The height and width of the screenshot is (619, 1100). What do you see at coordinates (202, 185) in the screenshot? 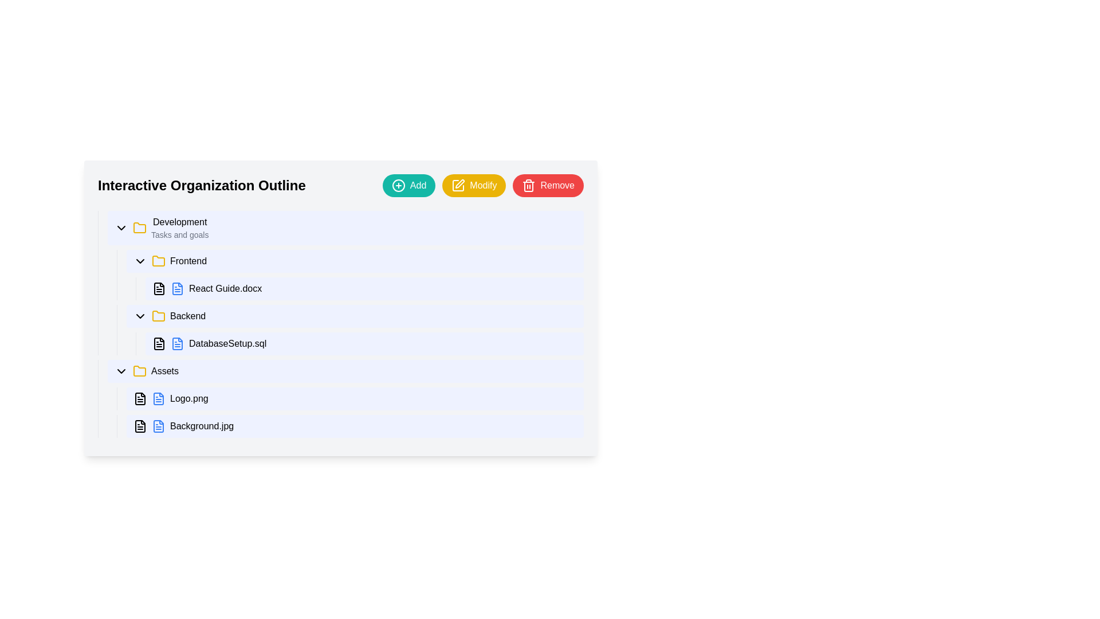
I see `the text label that serves as the title or heading for the displayed interface section, located at the top-left of a header-like row` at bounding box center [202, 185].